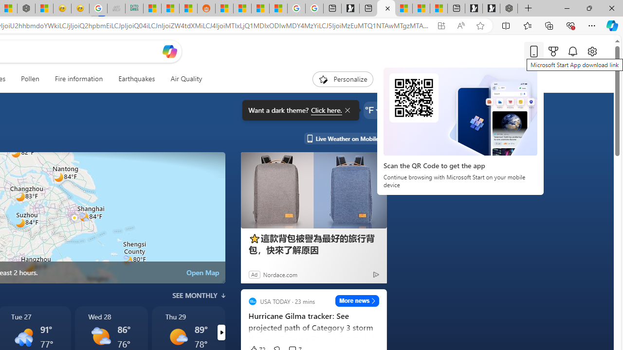 This screenshot has height=350, width=623. I want to click on 'Nordace - Nordace Siena Is Not An Ordinary Backpack', so click(508, 8).